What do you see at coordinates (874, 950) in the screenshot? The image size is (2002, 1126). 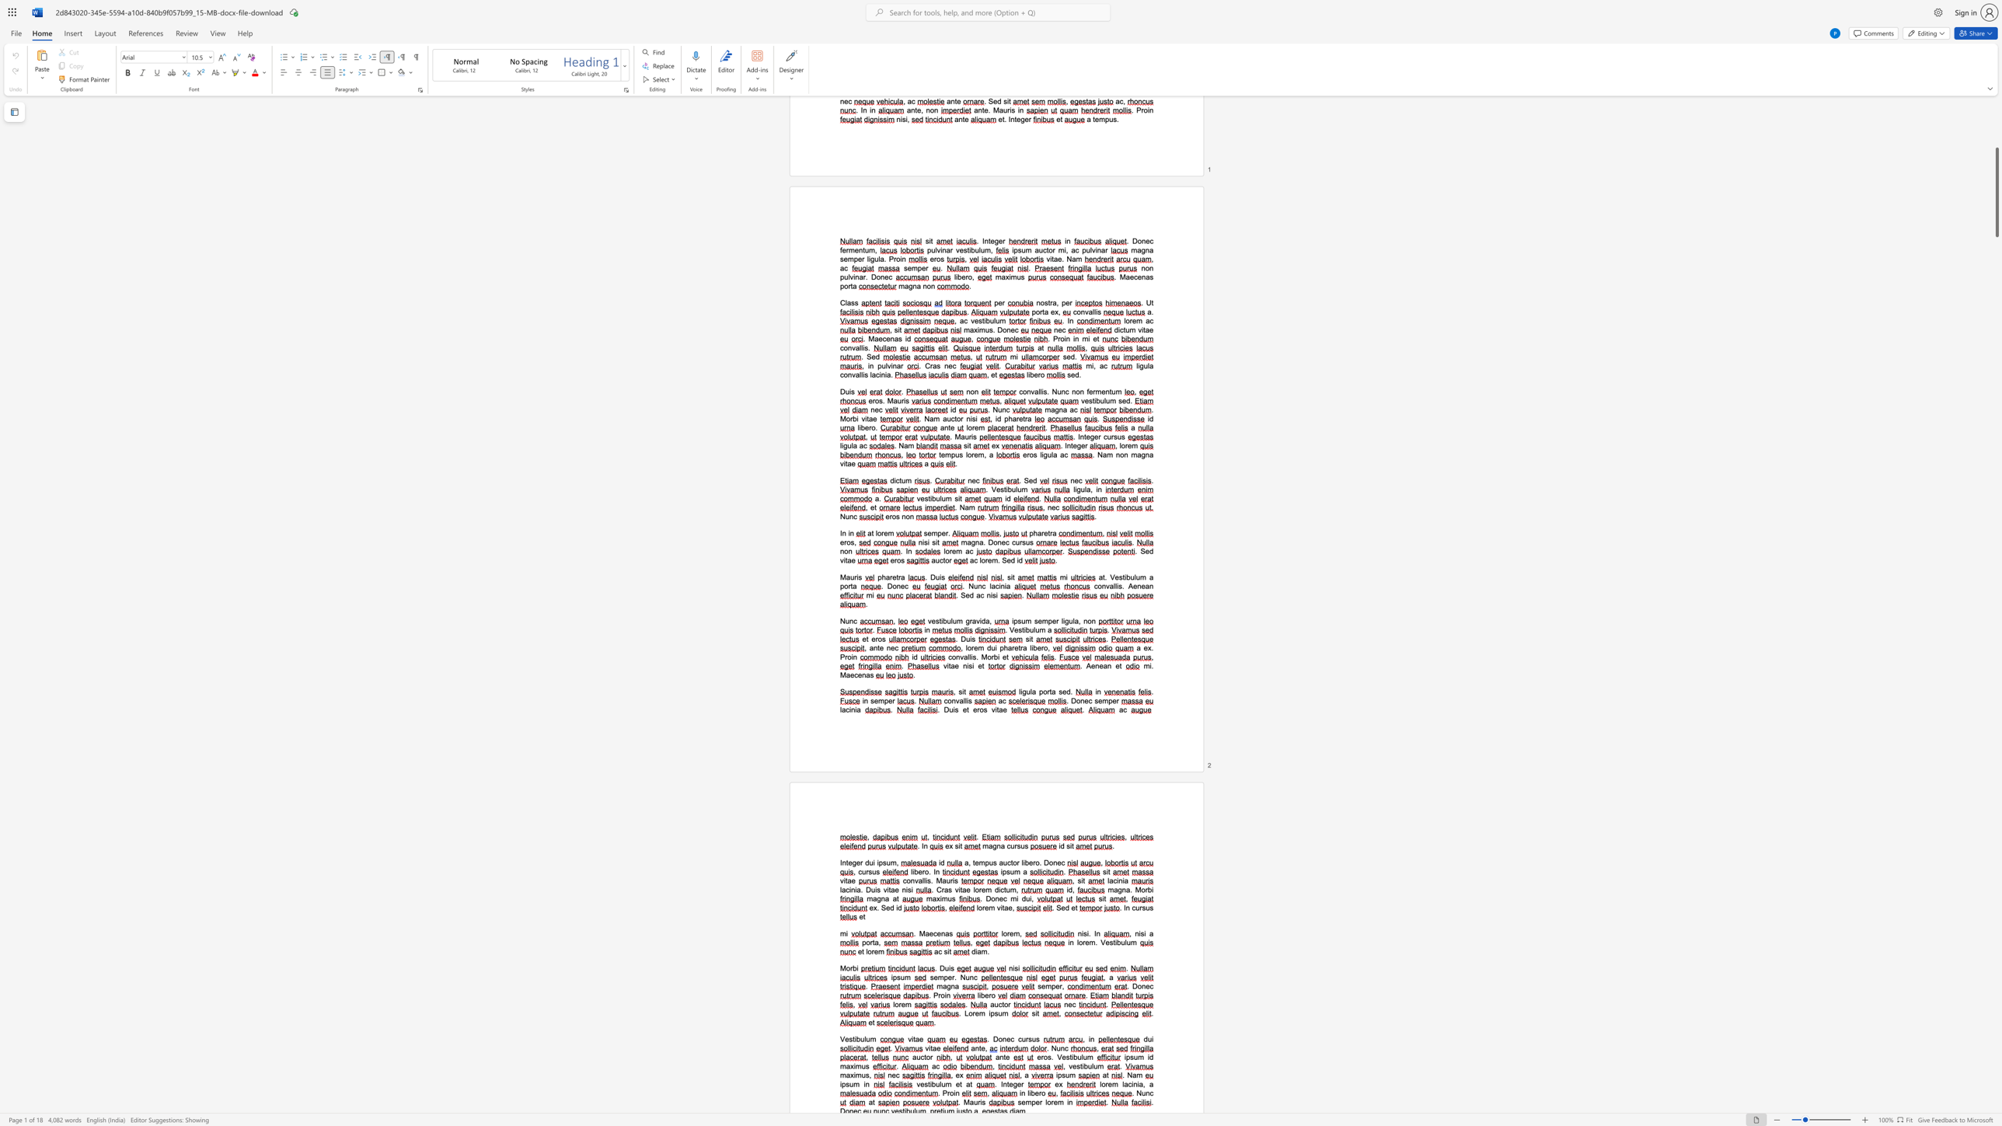 I see `the space between the continuous character "r" and "e" in the text` at bounding box center [874, 950].